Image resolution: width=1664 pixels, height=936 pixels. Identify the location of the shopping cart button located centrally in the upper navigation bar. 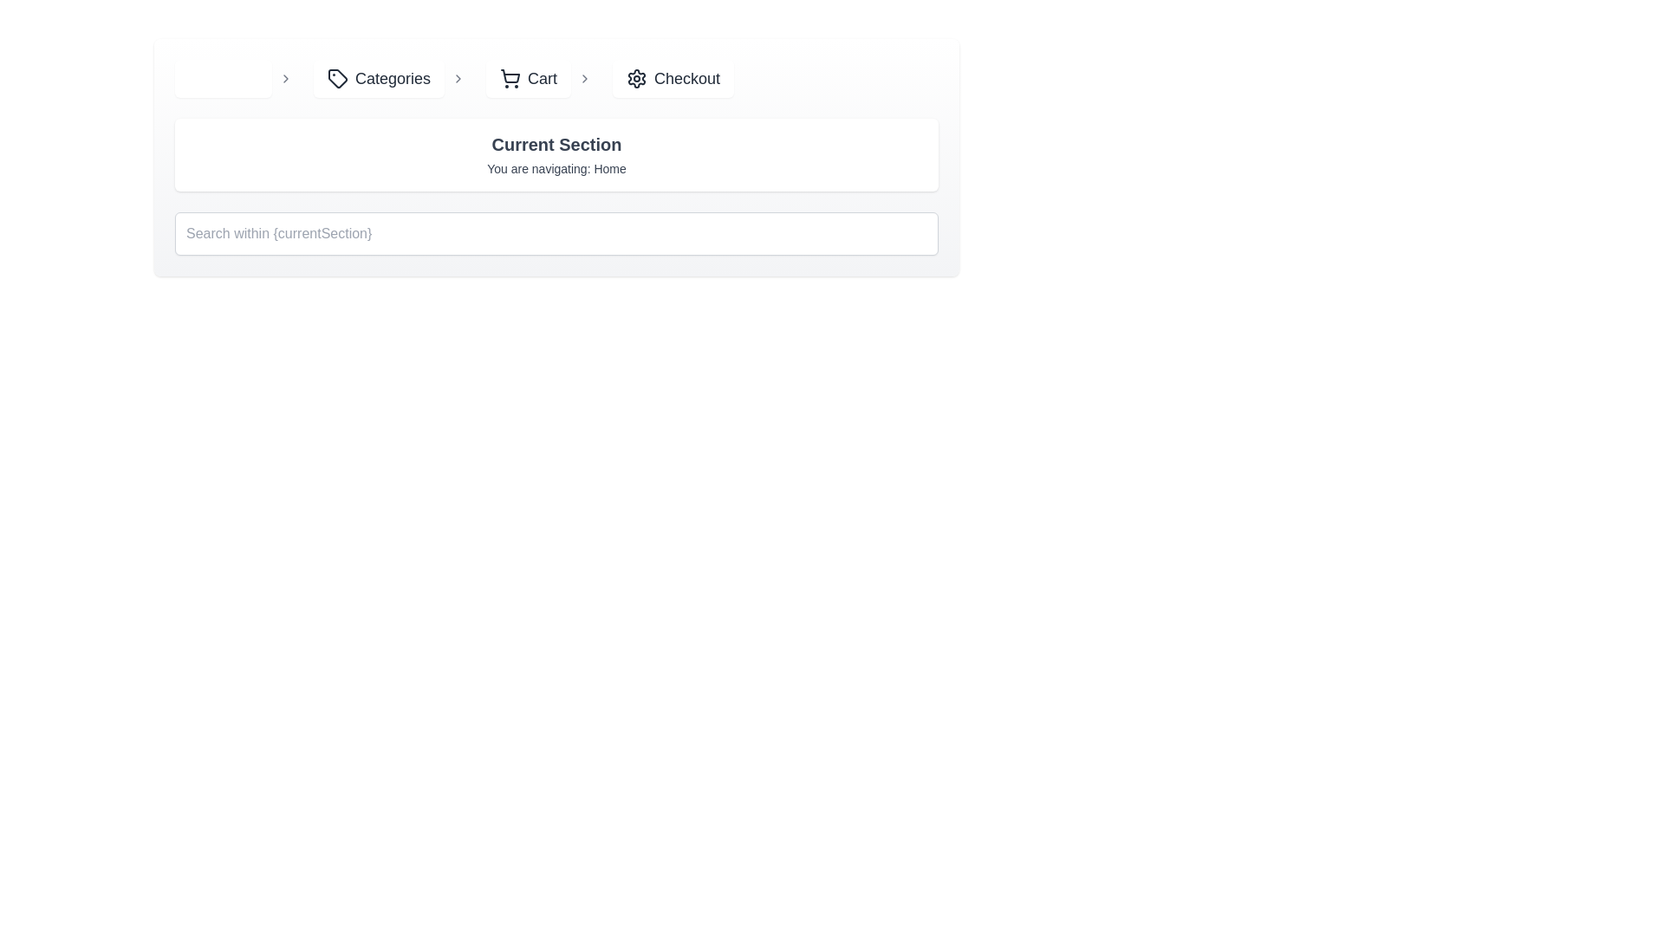
(527, 79).